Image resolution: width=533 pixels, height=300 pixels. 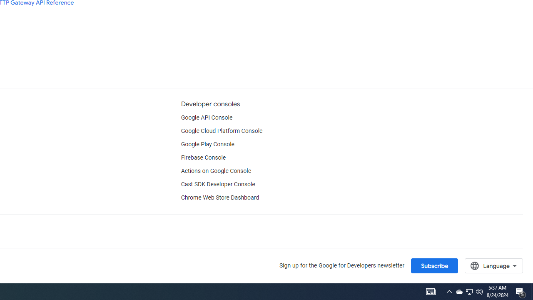 I want to click on 'Google Cloud Platform Console', so click(x=222, y=131).